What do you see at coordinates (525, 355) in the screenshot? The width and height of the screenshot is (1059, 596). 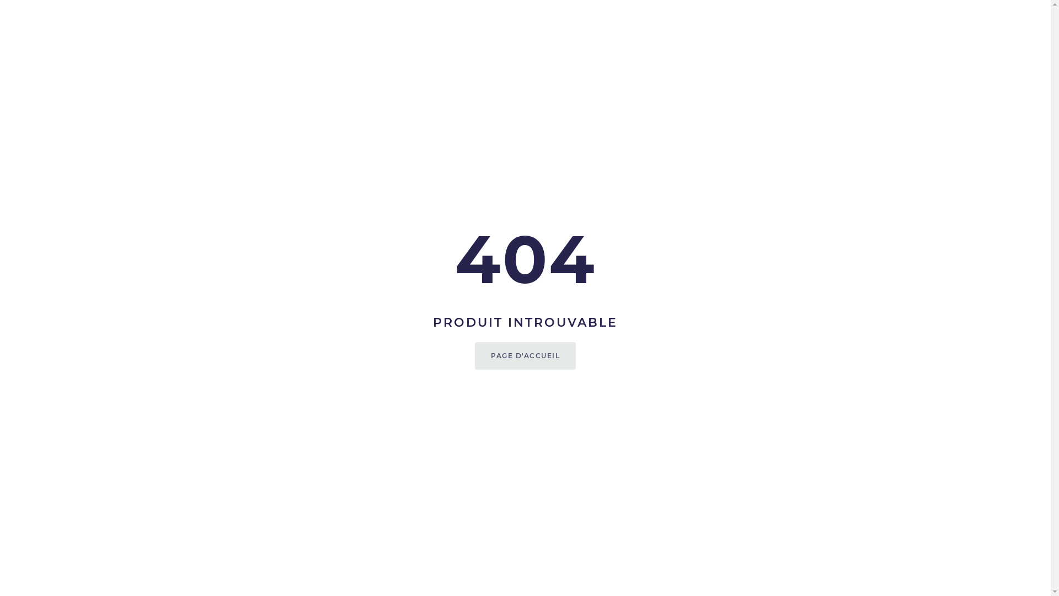 I see `'PAGE D'ACCUEIL'` at bounding box center [525, 355].